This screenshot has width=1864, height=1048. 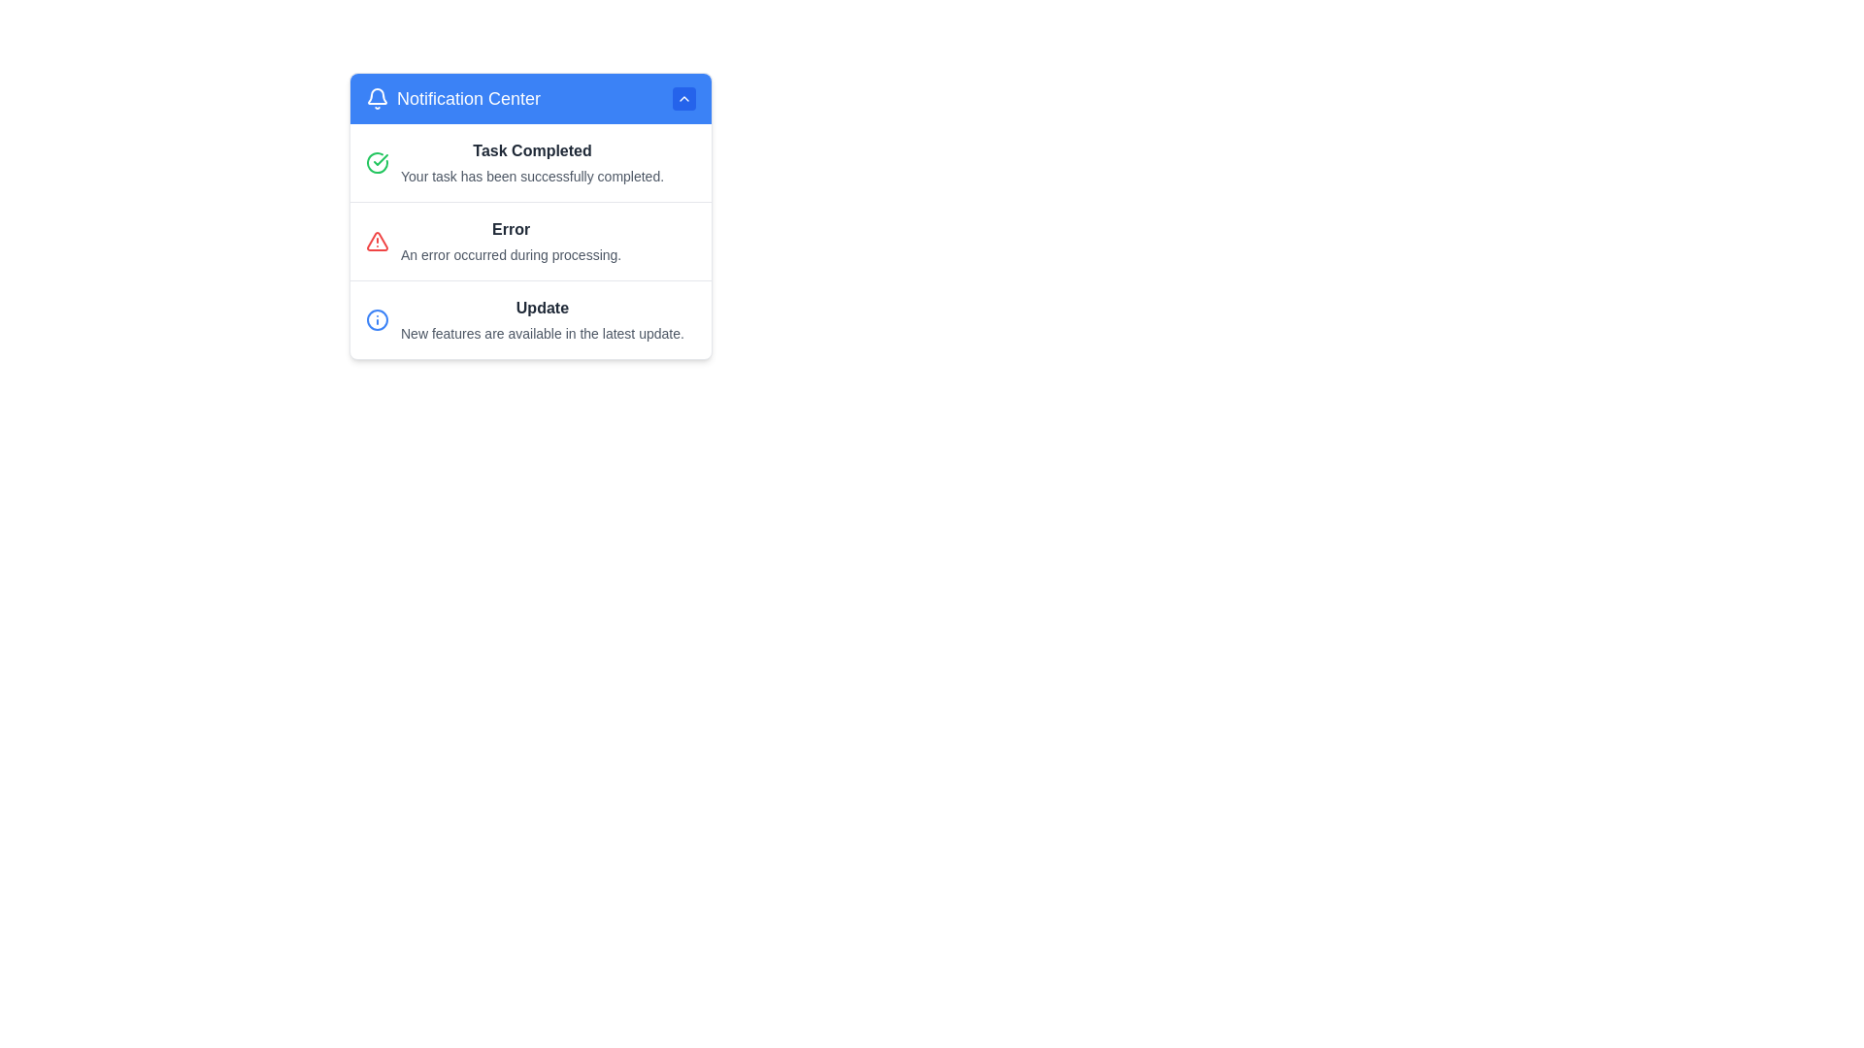 What do you see at coordinates (452, 98) in the screenshot?
I see `the Text Label with Icon that serves as the header for the 'Notification Center', located in the top header bar, aligned towards the left, next to a bell icon and an upward chevron button` at bounding box center [452, 98].